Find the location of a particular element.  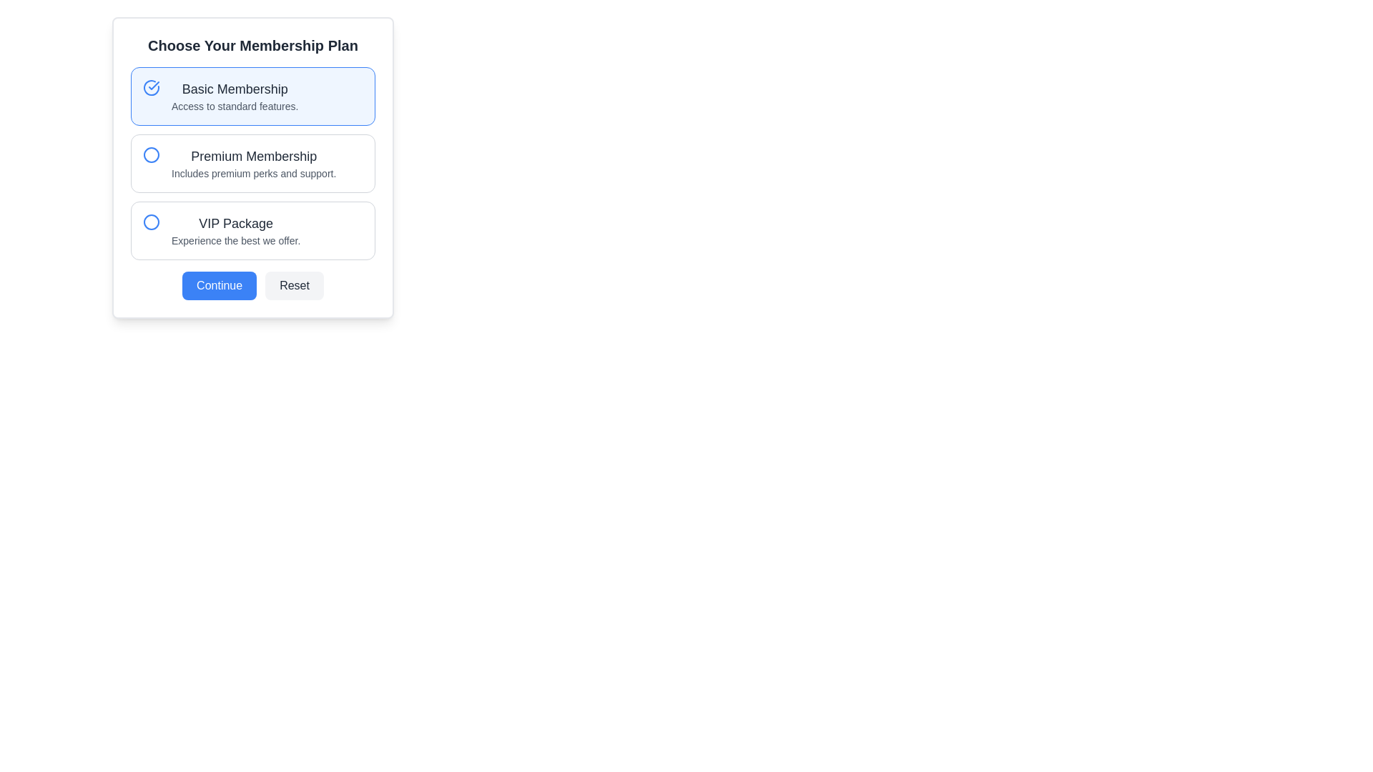

the 'Reset' button, which is a rectangular button with a light-gray background and dark-gray text, located at the bottom-right section of a card layout is located at coordinates (294, 286).